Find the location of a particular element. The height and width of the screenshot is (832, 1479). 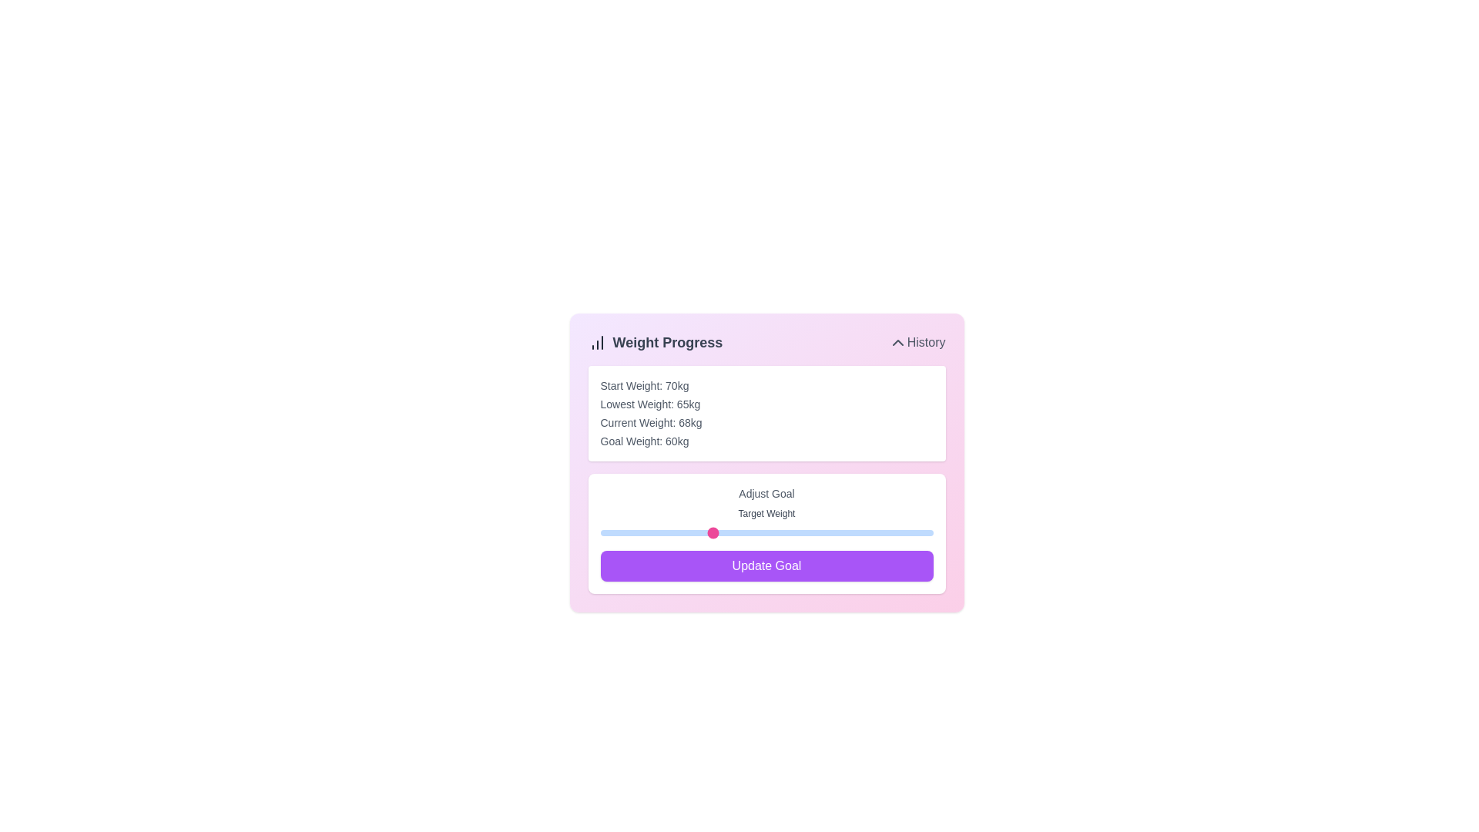

the goal weight slider to 57 kg is located at coordinates (678, 532).